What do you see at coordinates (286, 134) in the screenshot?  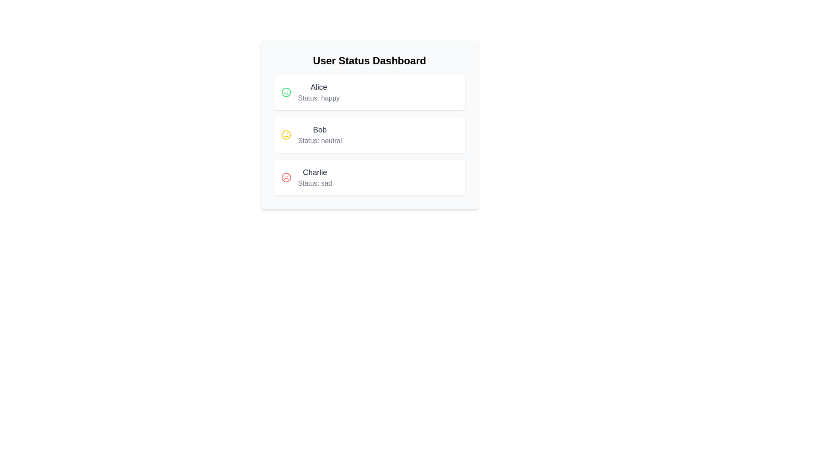 I see `the neutral status icon representing Bob, located in the left section of the 'Bob' user card next to the text 'Status: neutral'` at bounding box center [286, 134].